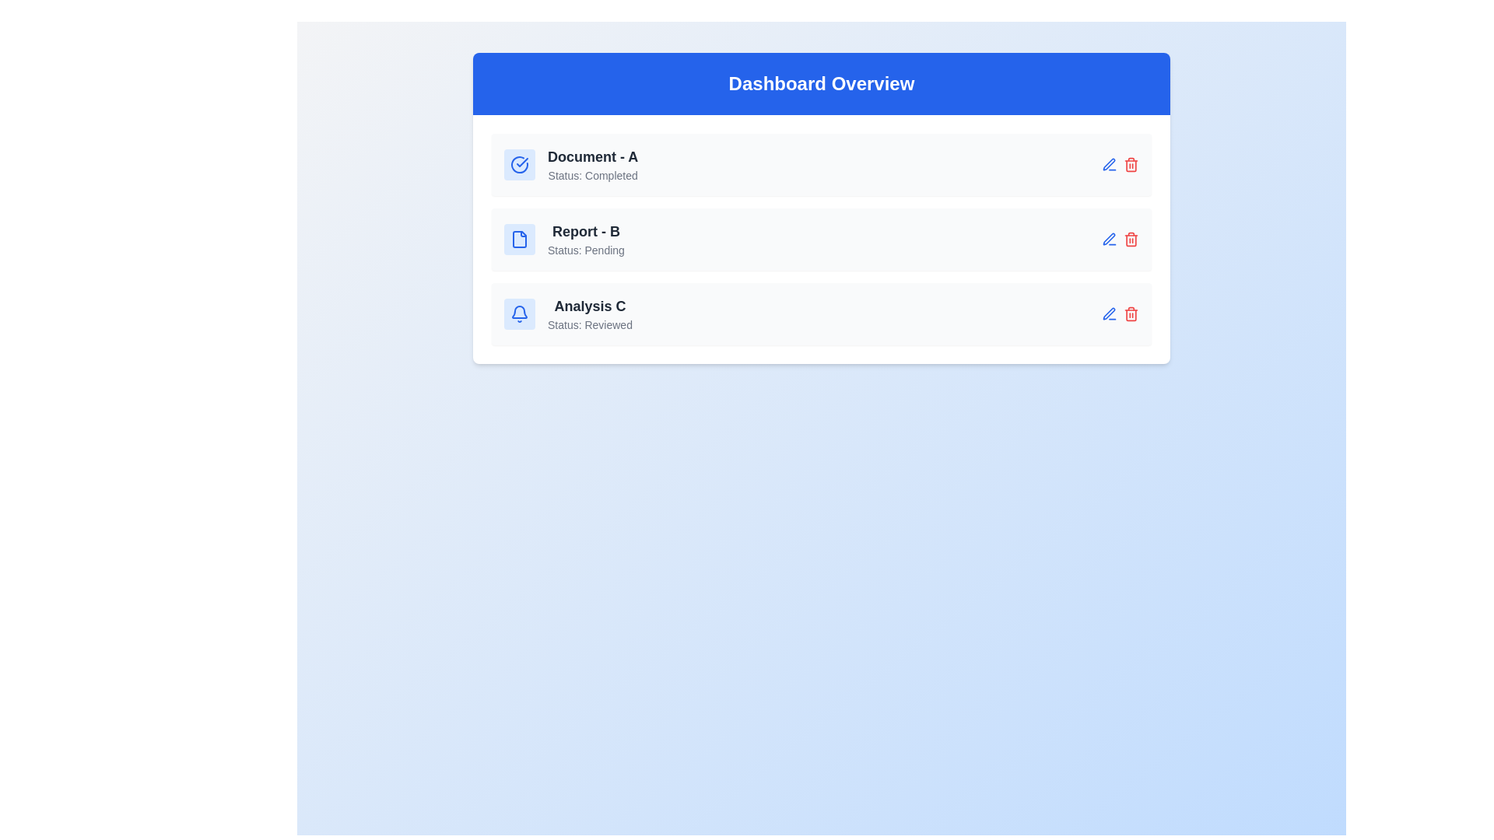 This screenshot has width=1494, height=840. What do you see at coordinates (570, 165) in the screenshot?
I see `the first entry in the list of document statuses, which displays 'Document - A' with a status of 'Completed' and is aligned with an icon to its left` at bounding box center [570, 165].